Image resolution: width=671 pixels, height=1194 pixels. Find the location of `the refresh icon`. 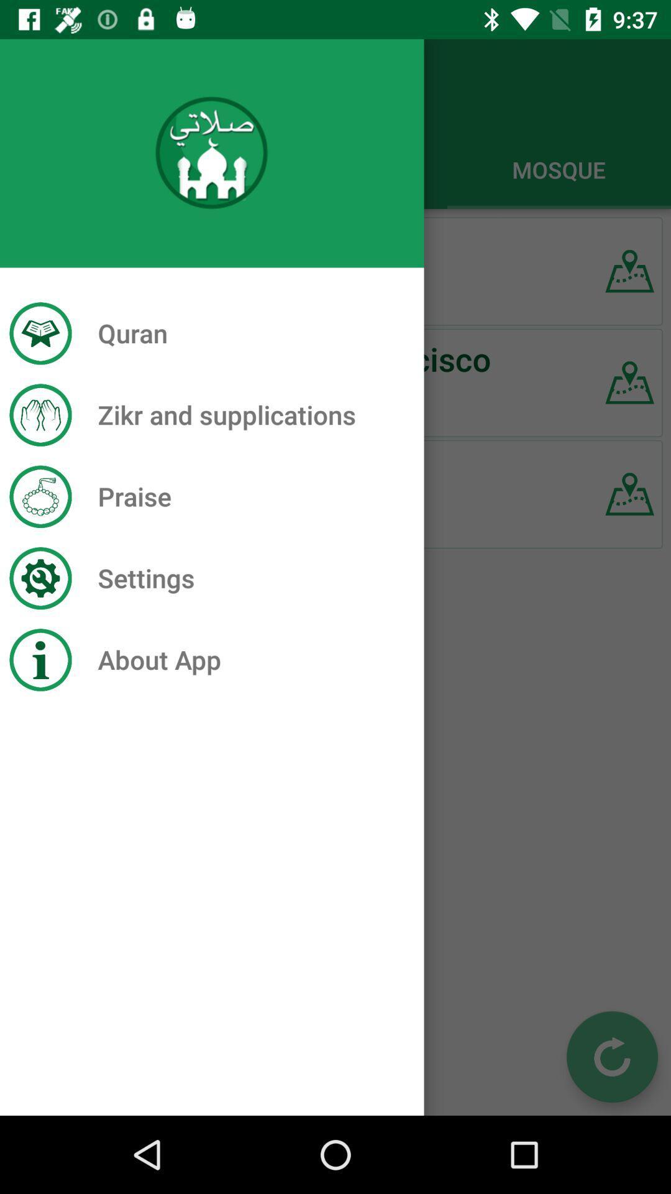

the refresh icon is located at coordinates (611, 1056).